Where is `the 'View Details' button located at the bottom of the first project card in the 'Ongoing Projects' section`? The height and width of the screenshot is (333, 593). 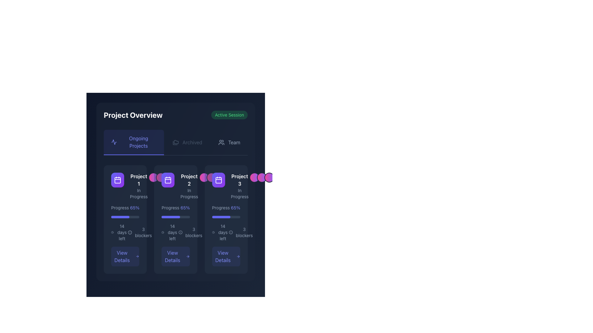
the 'View Details' button located at the bottom of the first project card in the 'Ongoing Projects' section is located at coordinates (125, 257).